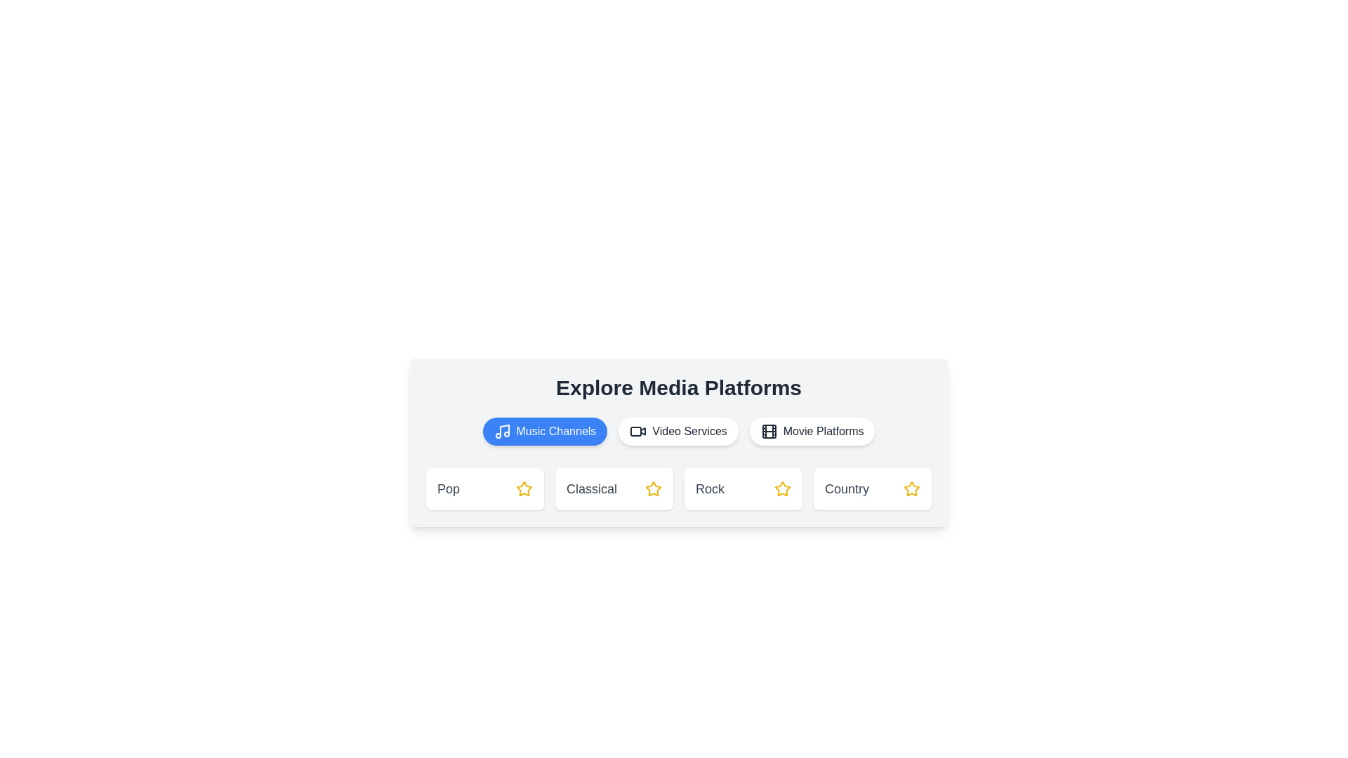  Describe the element at coordinates (781, 488) in the screenshot. I see `the third rating star icon from the left, which is a yellow star shape with a hollow center, located under the 'Rock' label in the rating group` at that location.